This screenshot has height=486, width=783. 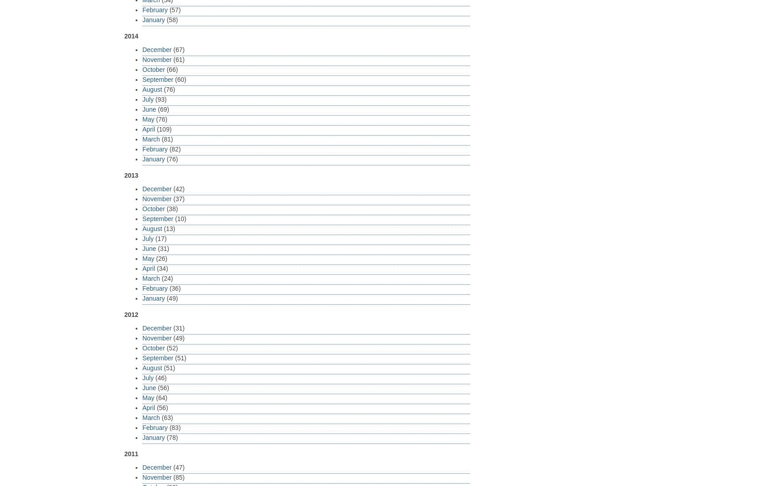 I want to click on '(66)', so click(x=164, y=69).